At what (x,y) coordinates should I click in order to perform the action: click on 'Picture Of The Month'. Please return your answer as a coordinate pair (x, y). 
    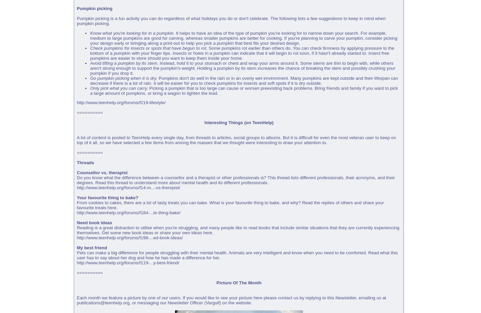
    Looking at the image, I should click on (238, 282).